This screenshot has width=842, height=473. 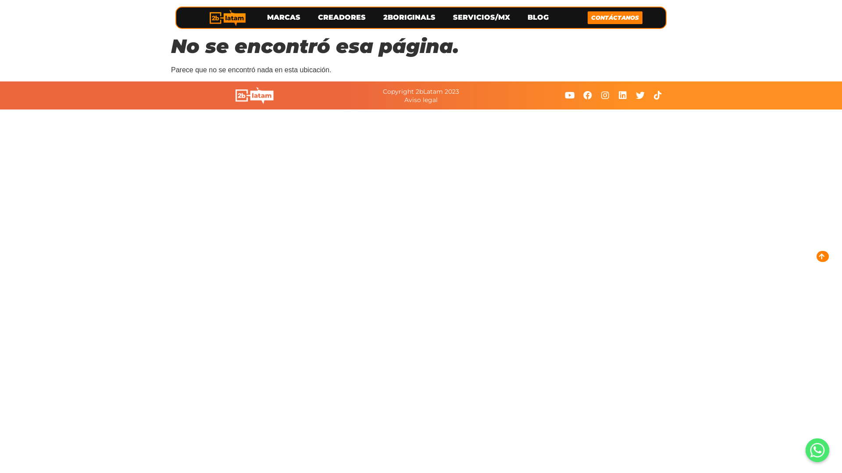 What do you see at coordinates (309, 17) in the screenshot?
I see `'CREADORES'` at bounding box center [309, 17].